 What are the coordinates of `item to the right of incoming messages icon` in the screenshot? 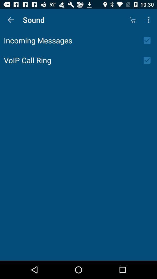 It's located at (149, 40).